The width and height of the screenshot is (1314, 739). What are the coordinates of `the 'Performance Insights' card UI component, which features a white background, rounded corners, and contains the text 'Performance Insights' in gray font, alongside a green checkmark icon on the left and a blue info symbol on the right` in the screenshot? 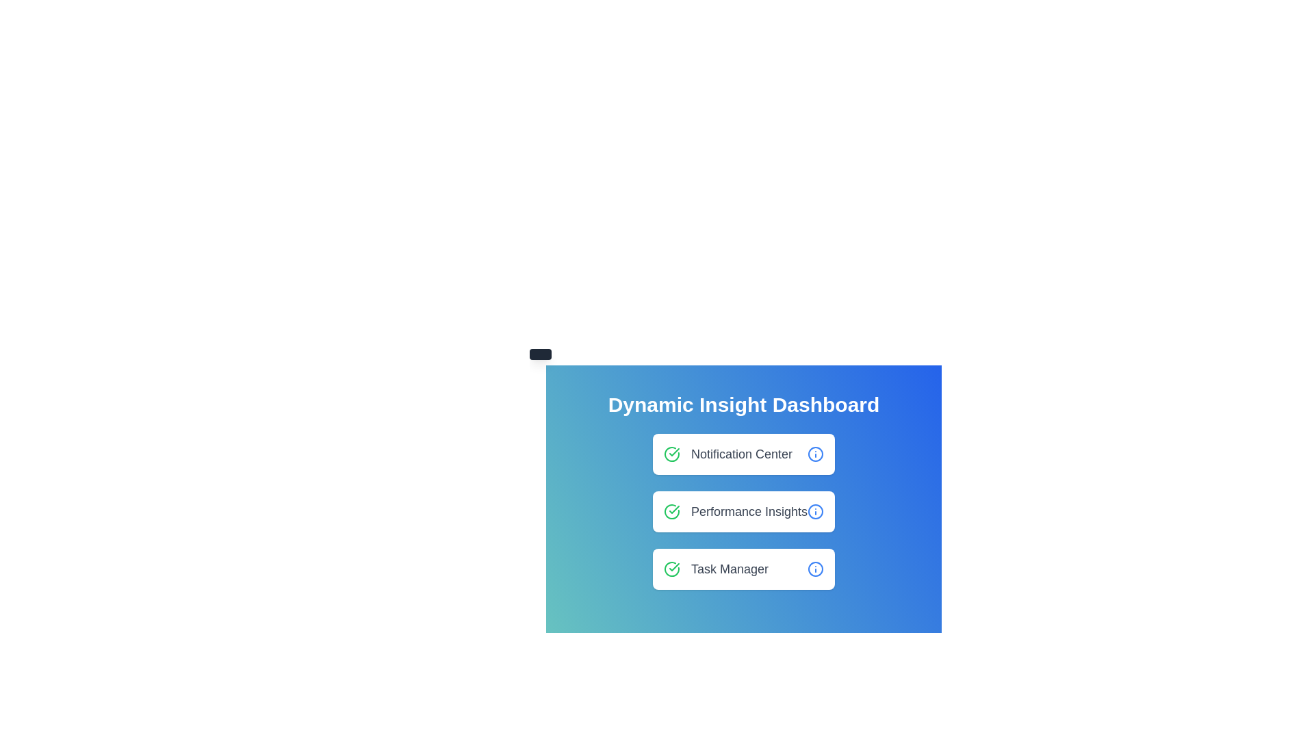 It's located at (743, 512).